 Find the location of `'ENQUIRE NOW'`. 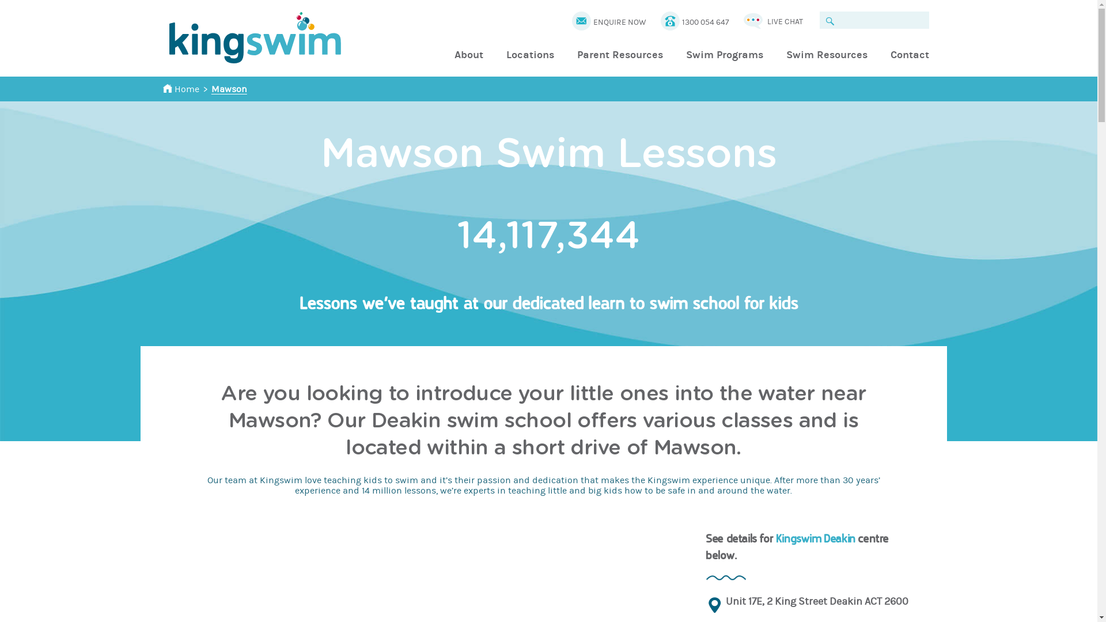

'ENQUIRE NOW' is located at coordinates (619, 22).